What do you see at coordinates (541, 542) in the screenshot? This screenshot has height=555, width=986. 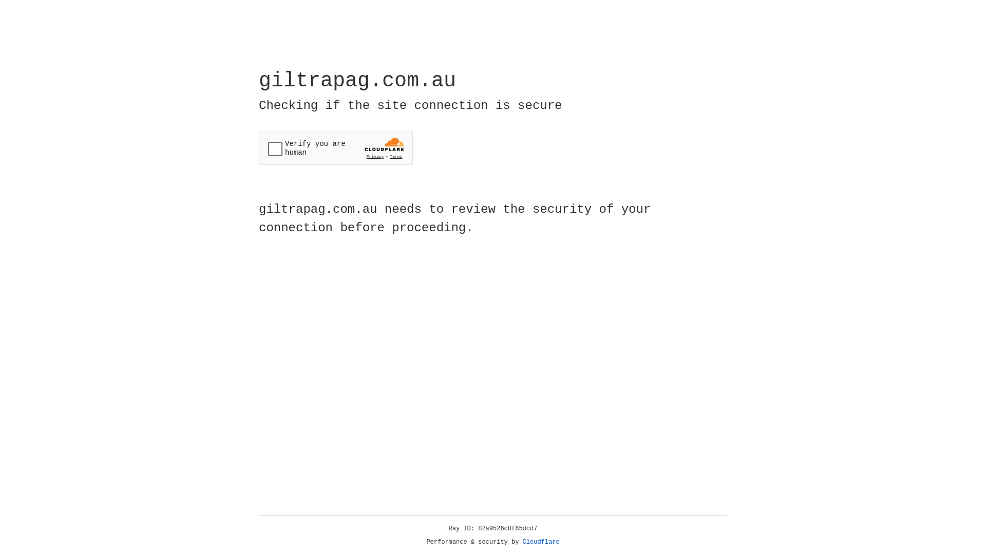 I see `'Cloudflare'` at bounding box center [541, 542].